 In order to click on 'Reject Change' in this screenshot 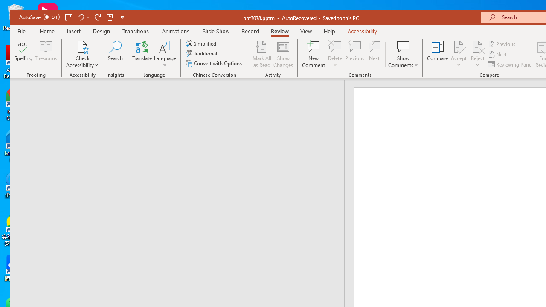, I will do `click(478, 46)`.